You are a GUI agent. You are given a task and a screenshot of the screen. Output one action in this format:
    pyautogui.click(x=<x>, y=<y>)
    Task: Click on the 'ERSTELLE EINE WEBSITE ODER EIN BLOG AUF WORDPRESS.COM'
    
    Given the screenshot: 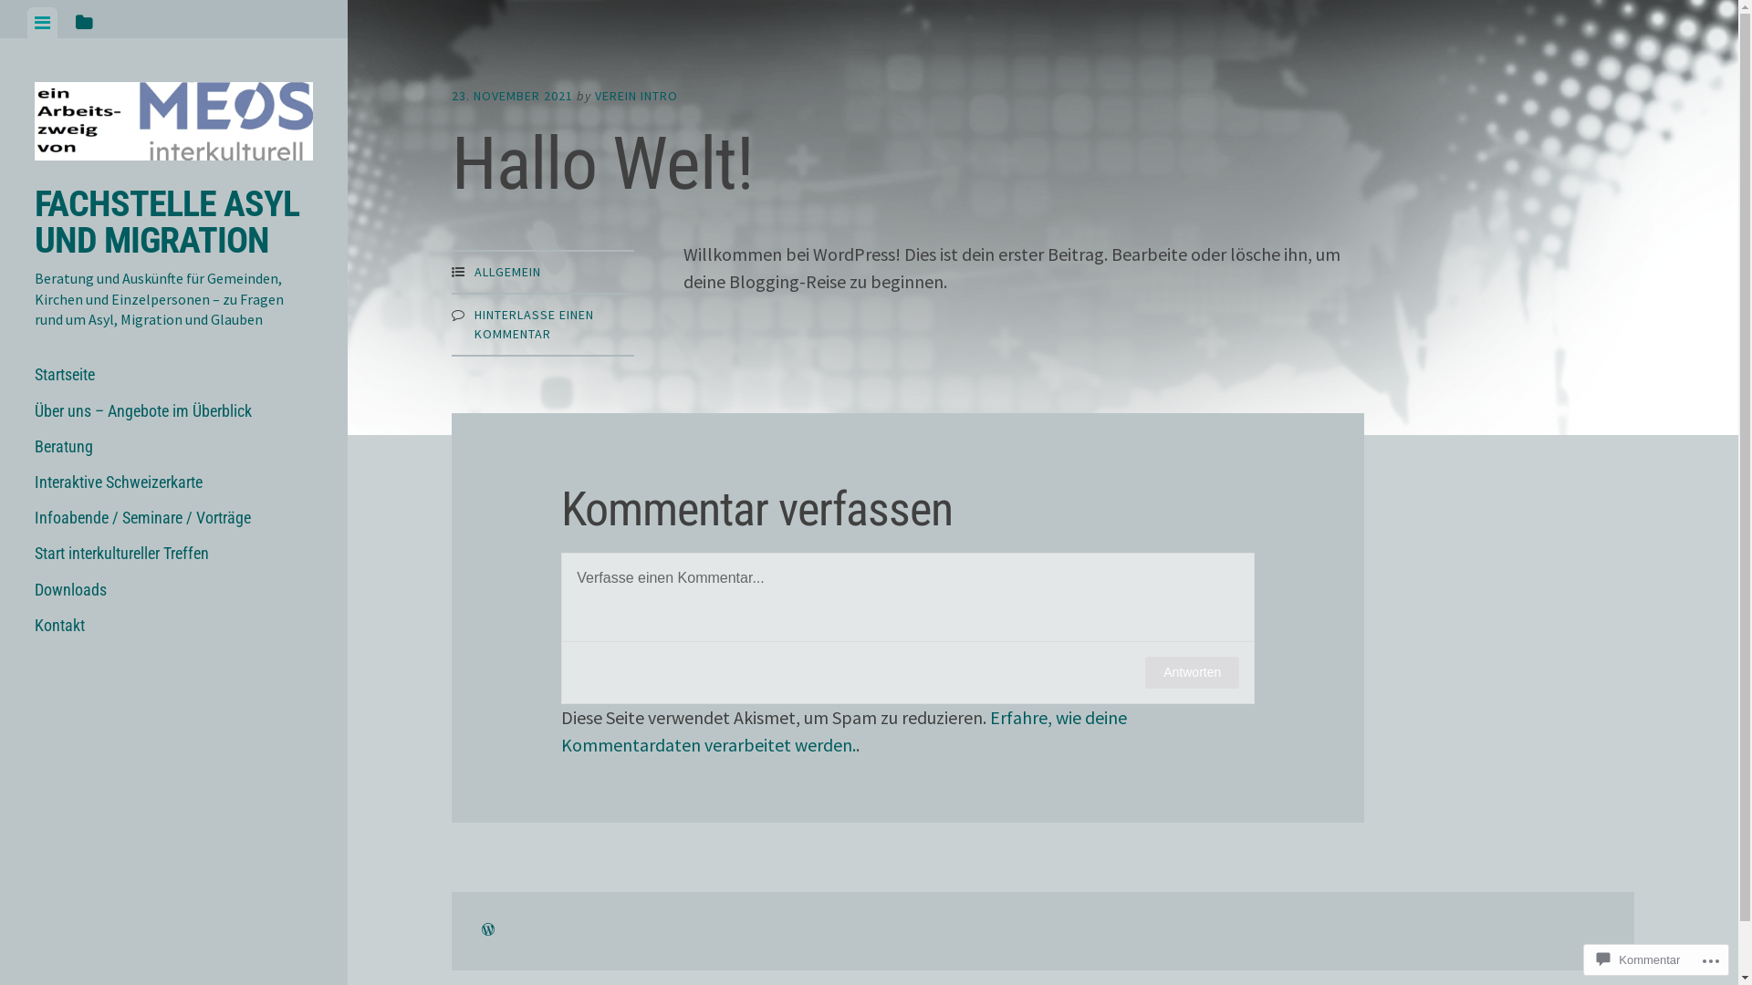 What is the action you would take?
    pyautogui.click(x=487, y=929)
    